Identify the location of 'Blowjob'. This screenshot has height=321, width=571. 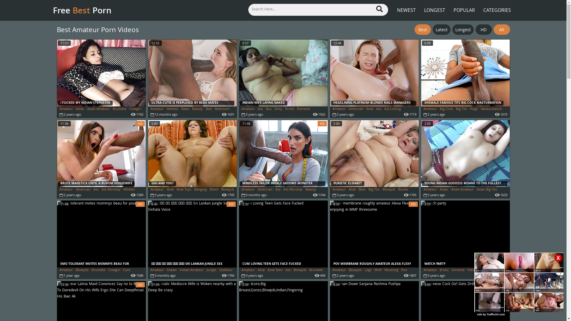
(299, 270).